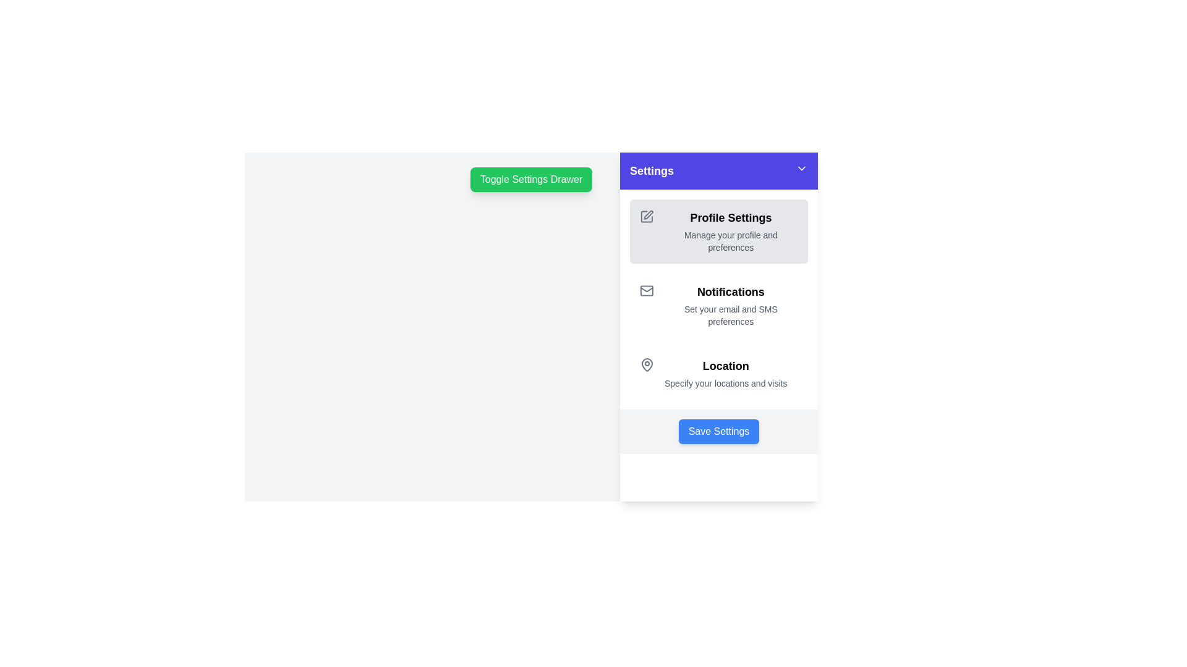 This screenshot has width=1187, height=667. I want to click on the second item in the vertical list within the 'Settings' panel to manage notification preferences for email and SMS, so click(718, 305).